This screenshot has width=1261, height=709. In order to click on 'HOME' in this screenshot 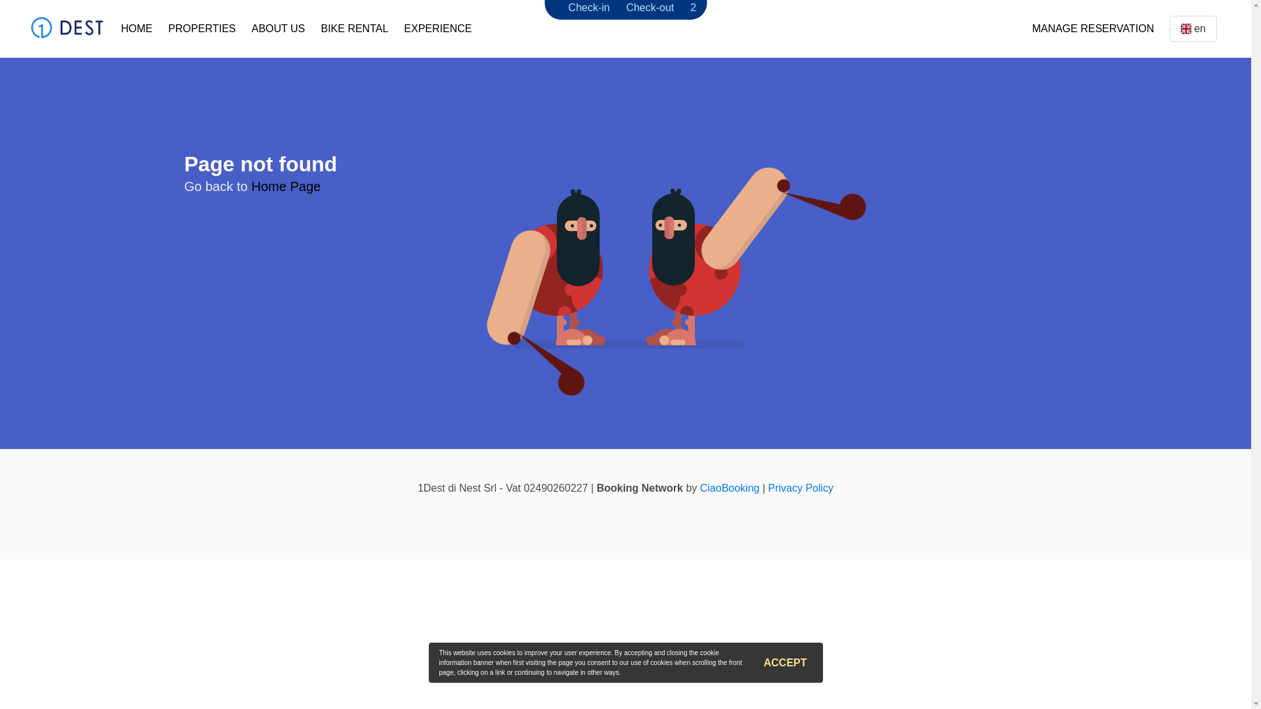, I will do `click(113, 28)`.